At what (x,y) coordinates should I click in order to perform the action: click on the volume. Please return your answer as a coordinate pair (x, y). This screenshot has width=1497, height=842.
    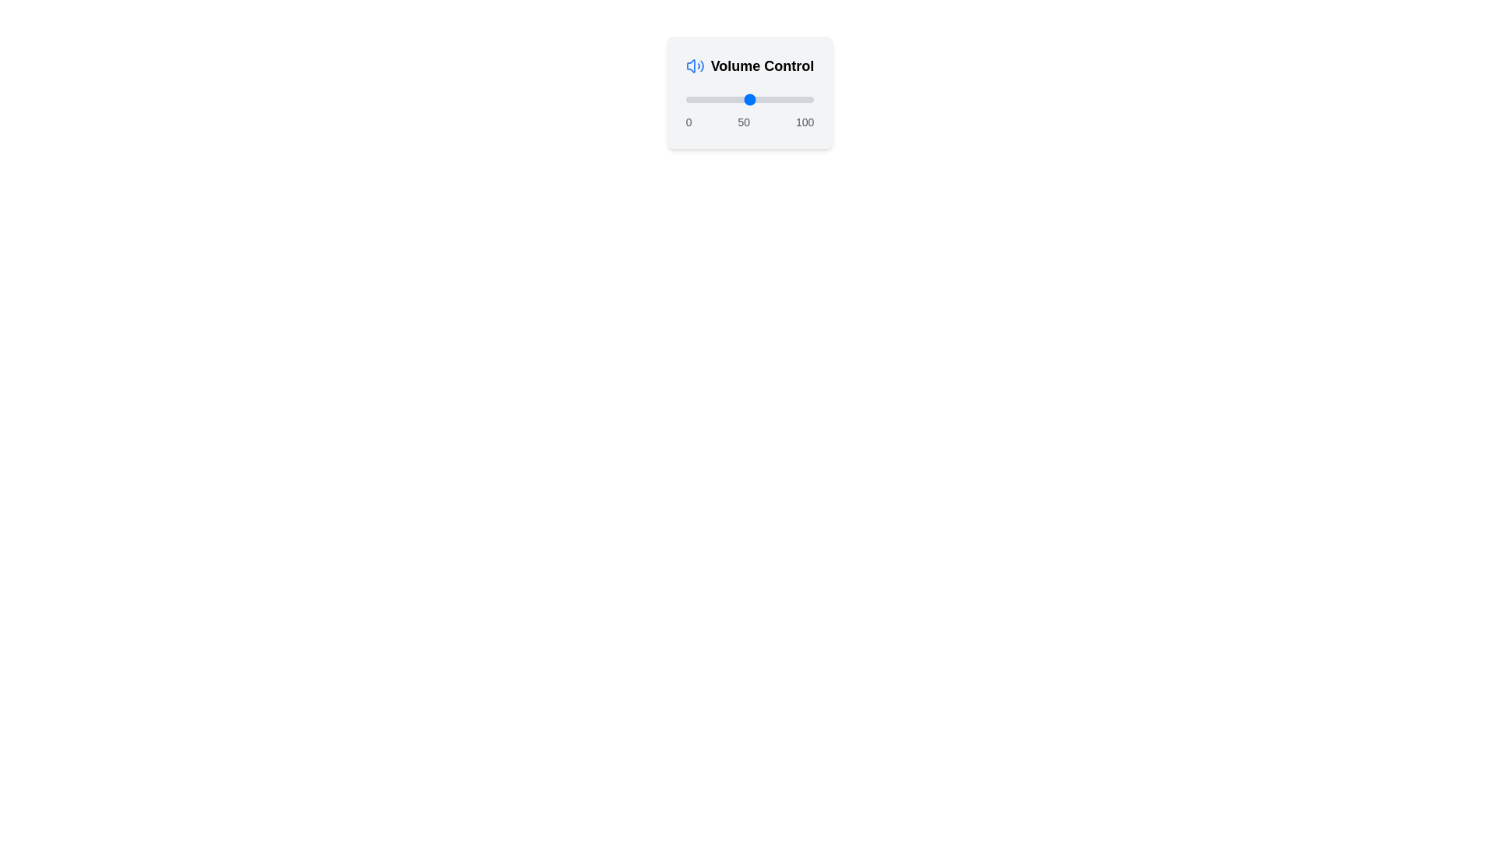
    Looking at the image, I should click on (709, 99).